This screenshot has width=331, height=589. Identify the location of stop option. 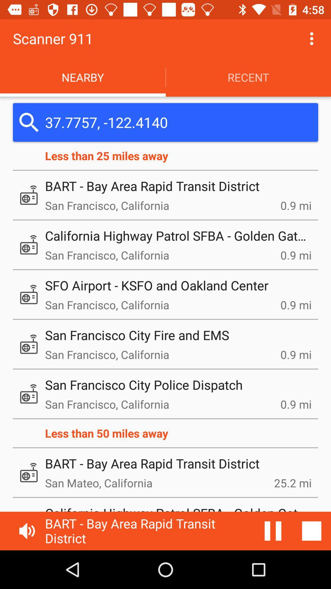
(312, 531).